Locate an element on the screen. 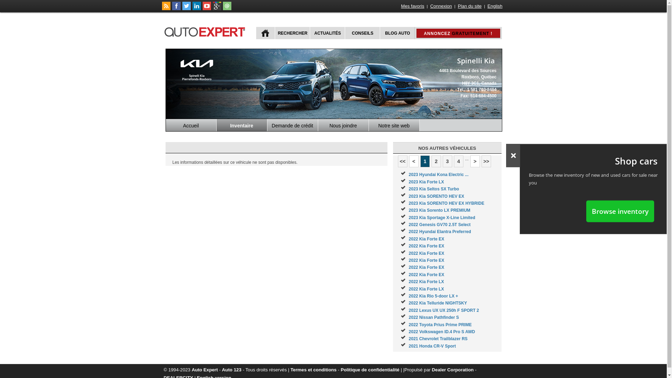 The width and height of the screenshot is (672, 378). 'RECHERCHER' is located at coordinates (292, 33).